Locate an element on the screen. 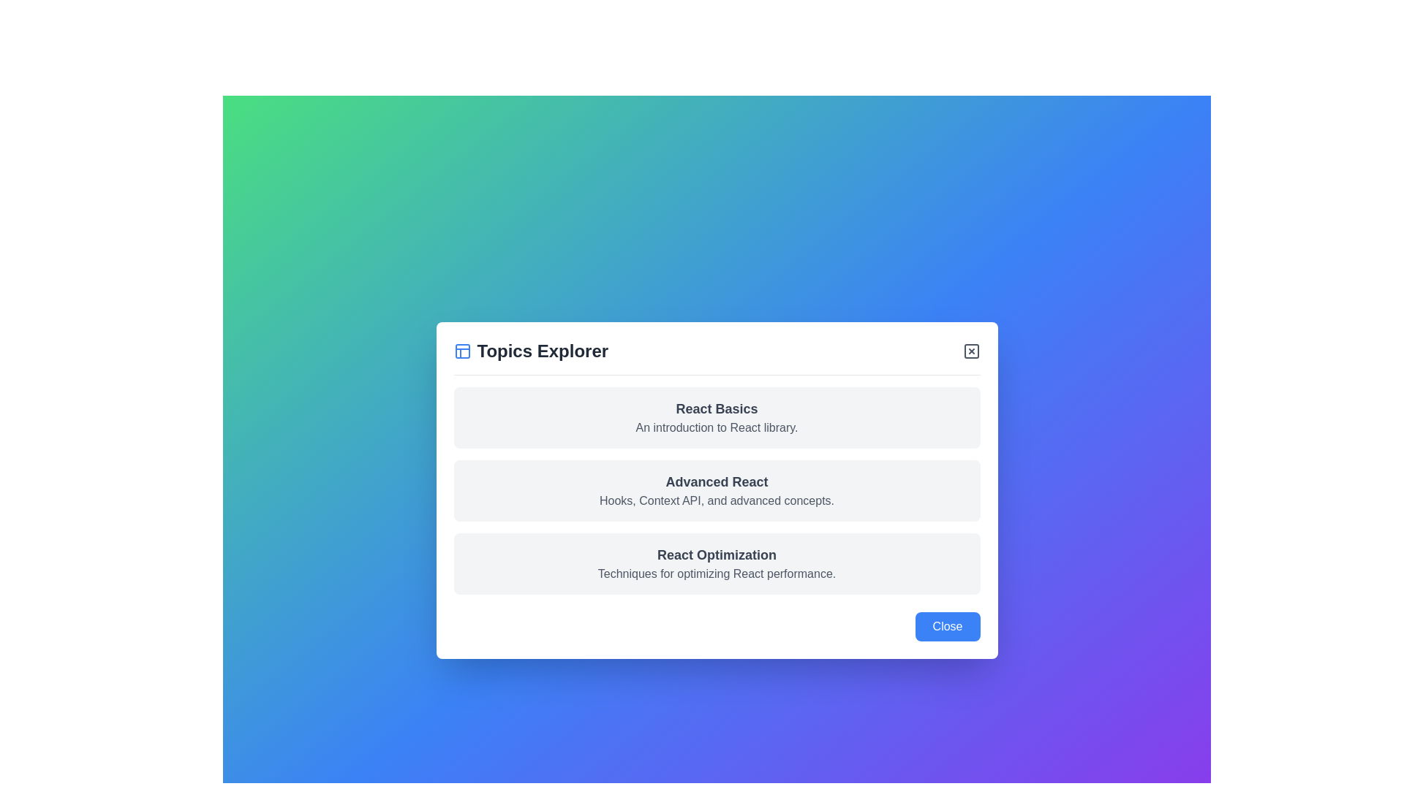 The height and width of the screenshot is (789, 1404). the small rectangular graphical icon component with rounded corners located in the top-left corner of the modal window is located at coordinates (461, 351).